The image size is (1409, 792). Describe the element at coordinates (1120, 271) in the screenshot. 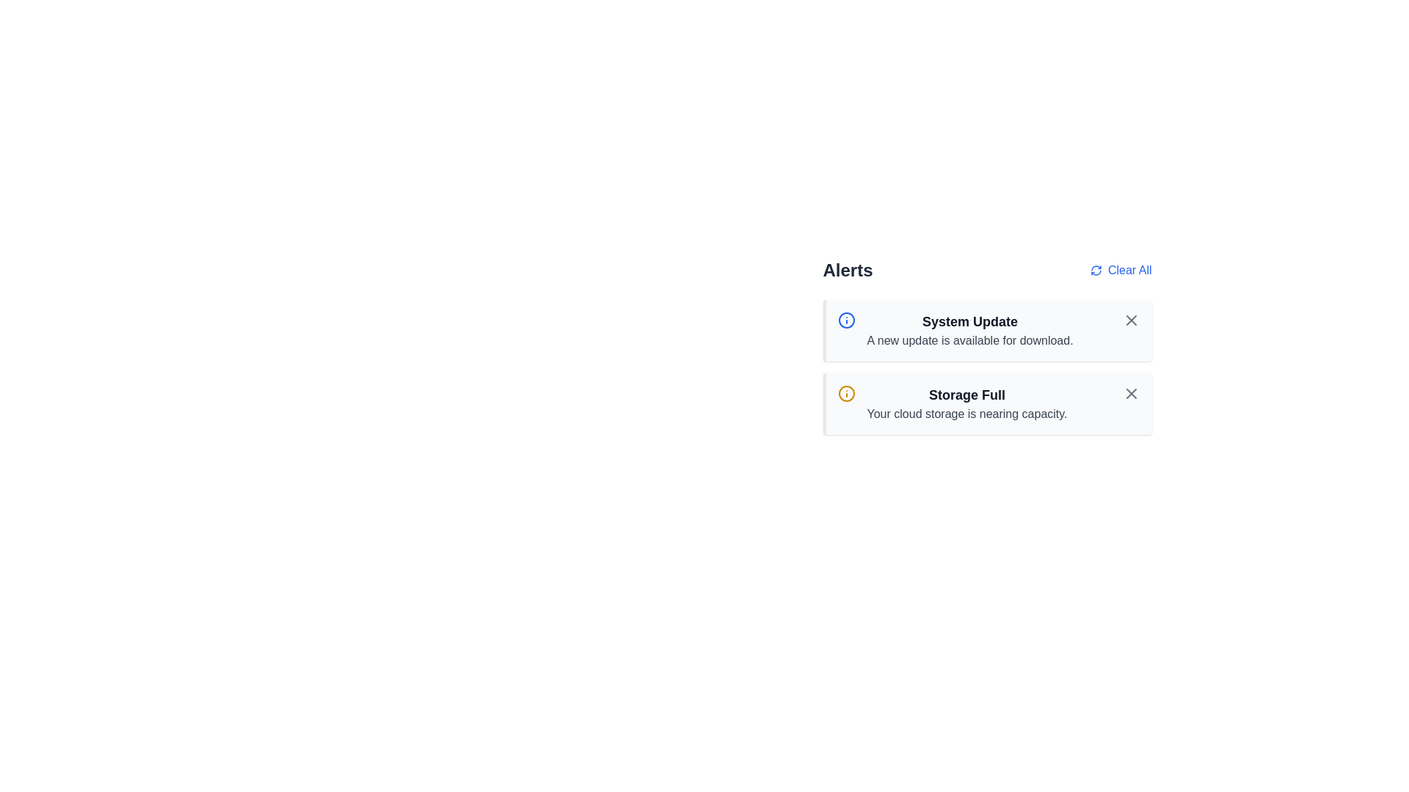

I see `the 'Clear All' button to clear all alerts` at that location.